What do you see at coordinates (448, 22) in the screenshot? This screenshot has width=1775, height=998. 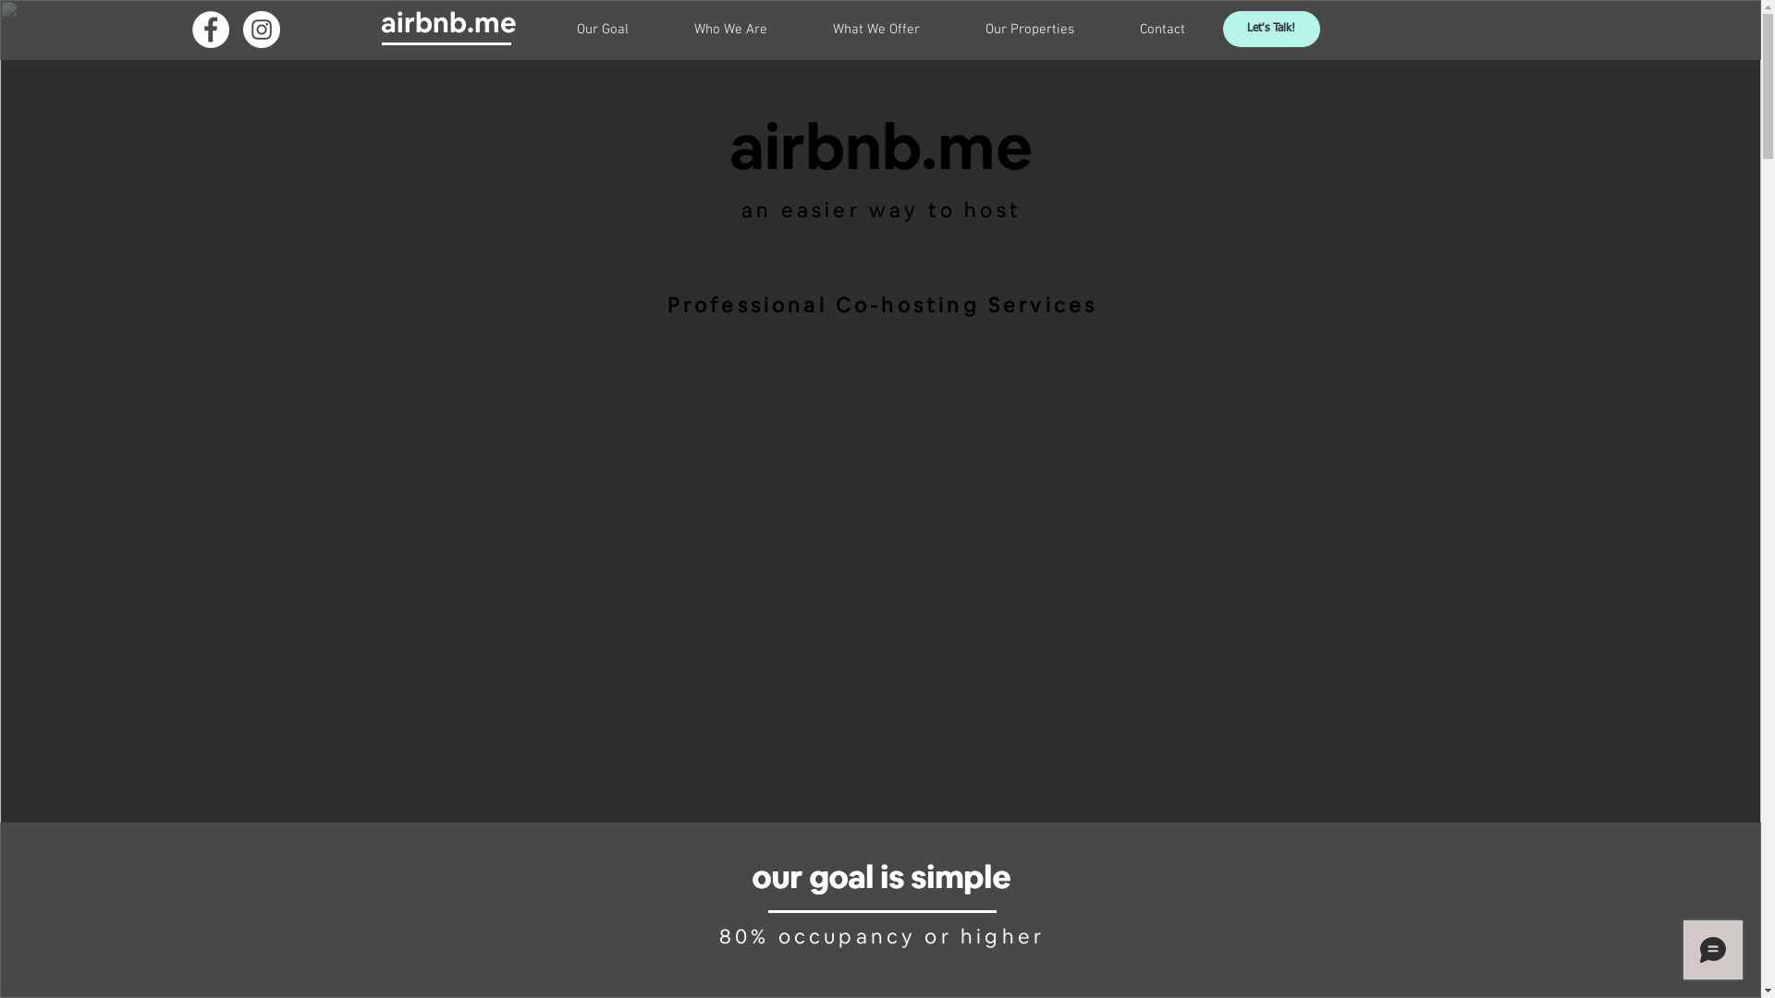 I see `'airbnb.me'` at bounding box center [448, 22].